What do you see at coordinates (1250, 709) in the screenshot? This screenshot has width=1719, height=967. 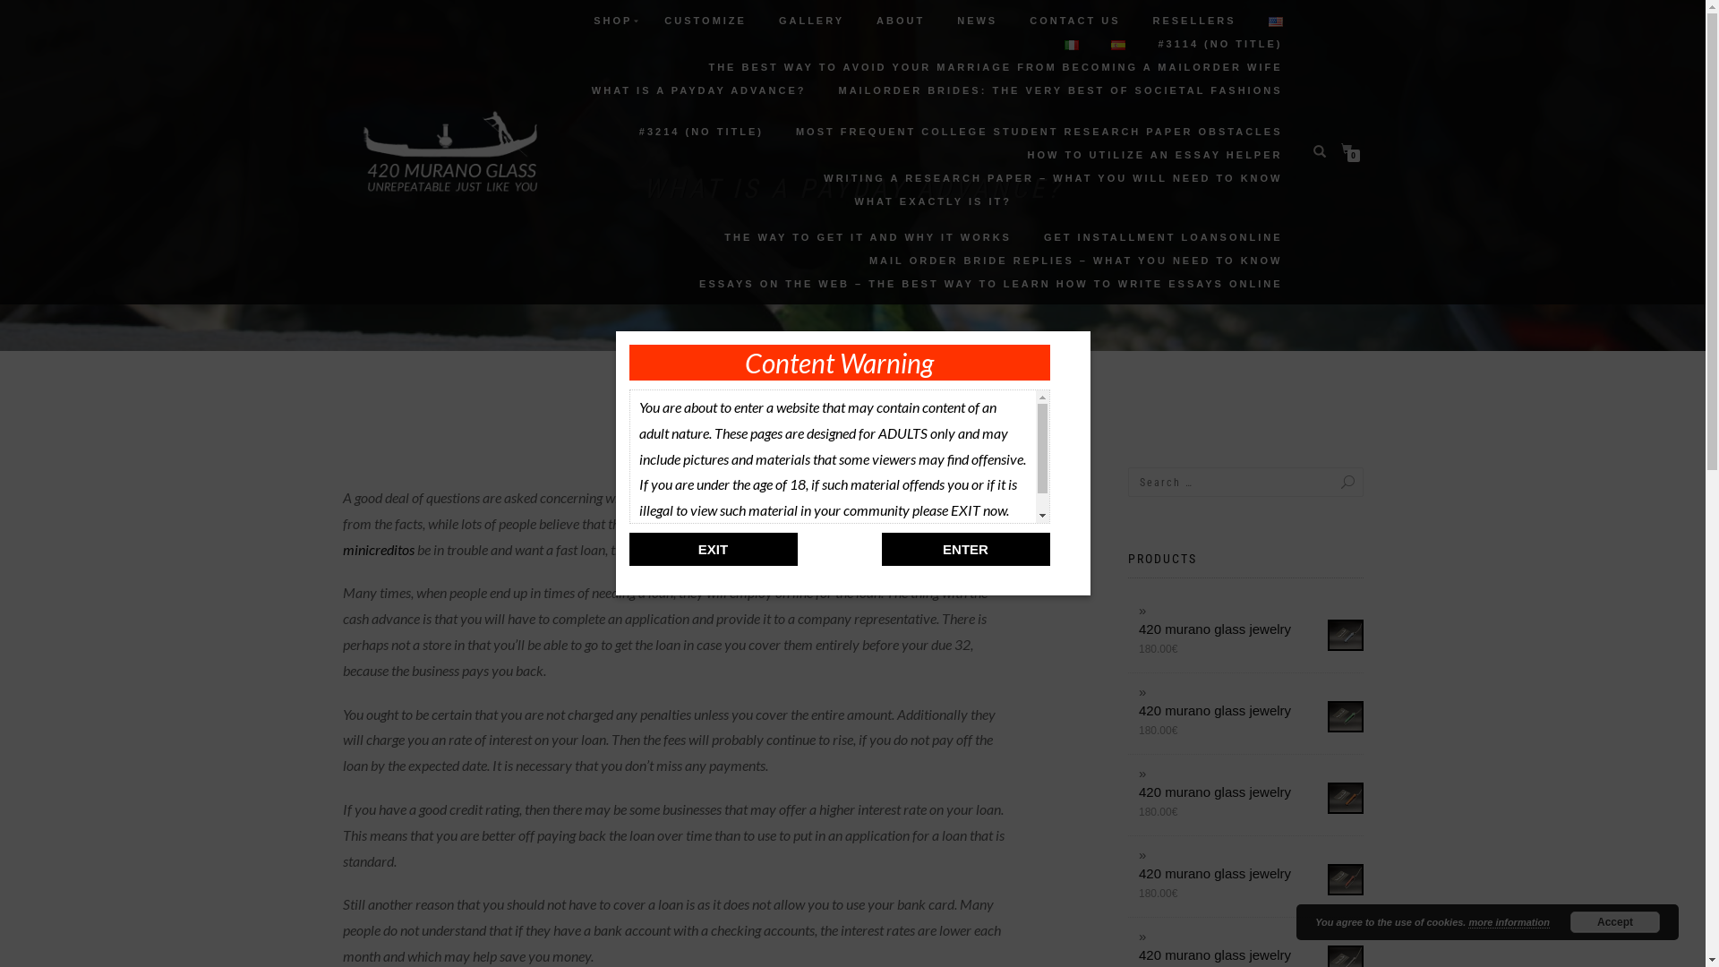 I see `'420 murano glass jewelry'` at bounding box center [1250, 709].